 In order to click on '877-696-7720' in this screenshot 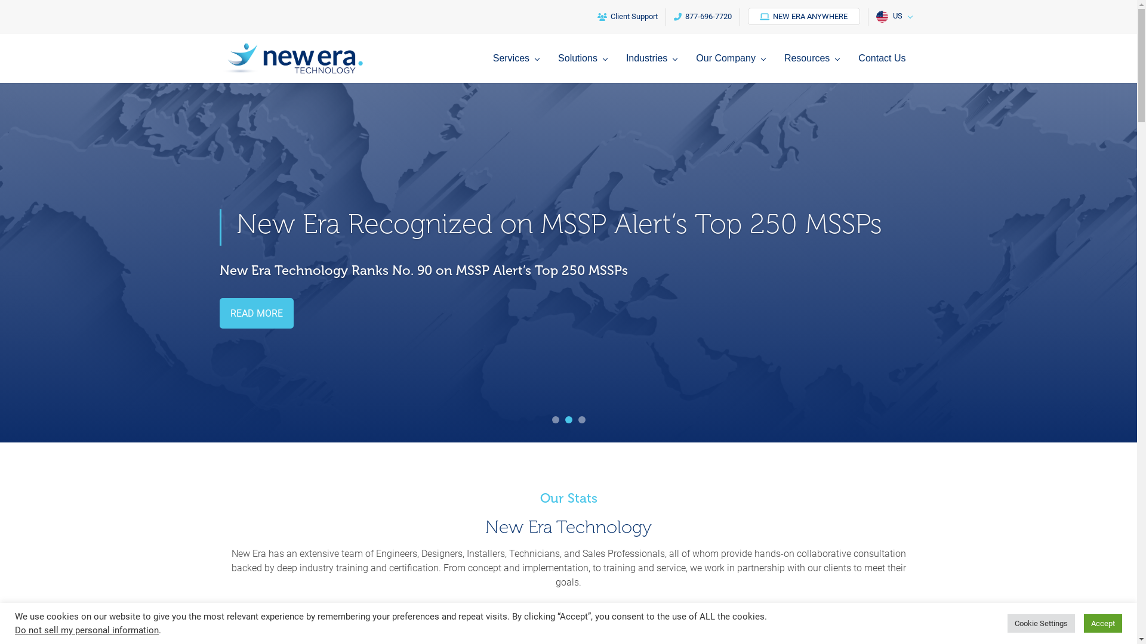, I will do `click(666, 17)`.